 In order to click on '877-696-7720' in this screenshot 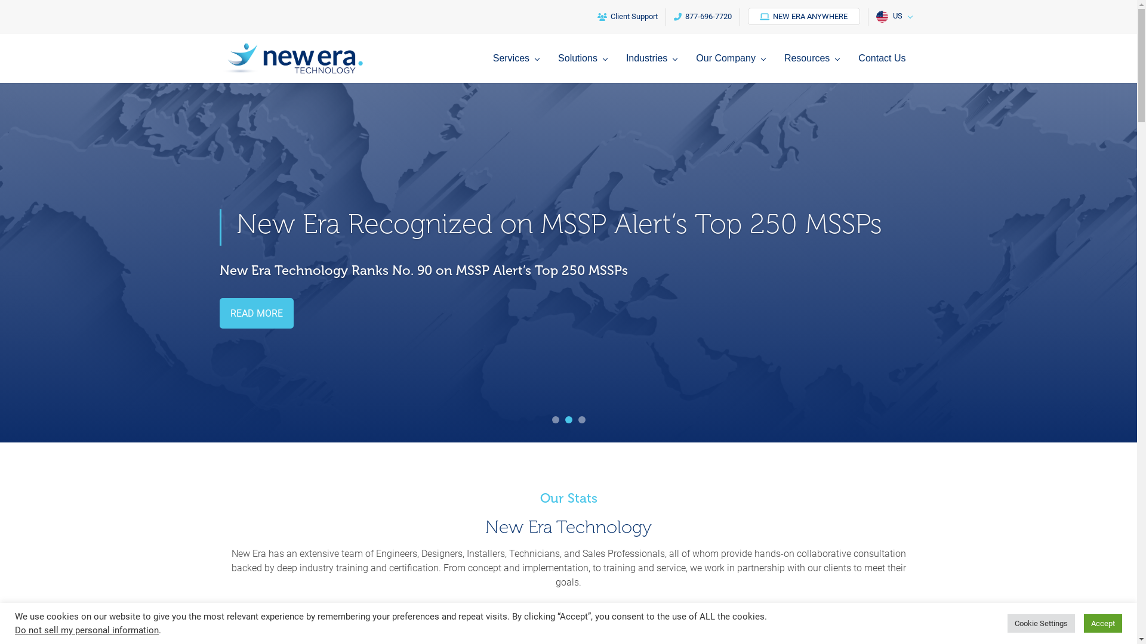, I will do `click(666, 17)`.